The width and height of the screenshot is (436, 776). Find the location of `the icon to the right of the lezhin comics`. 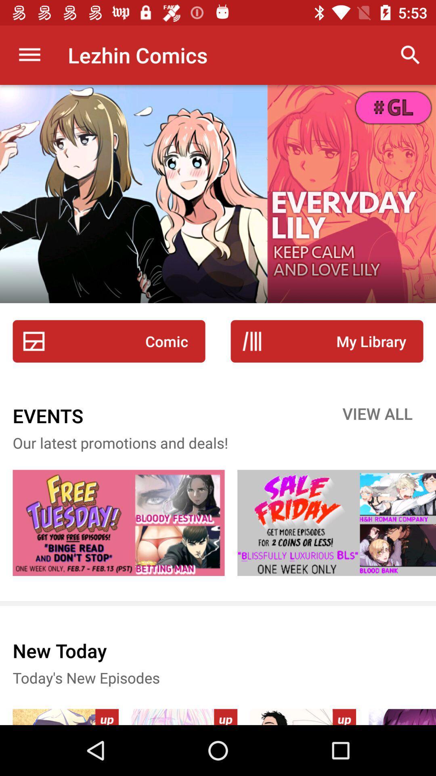

the icon to the right of the lezhin comics is located at coordinates (411, 55).